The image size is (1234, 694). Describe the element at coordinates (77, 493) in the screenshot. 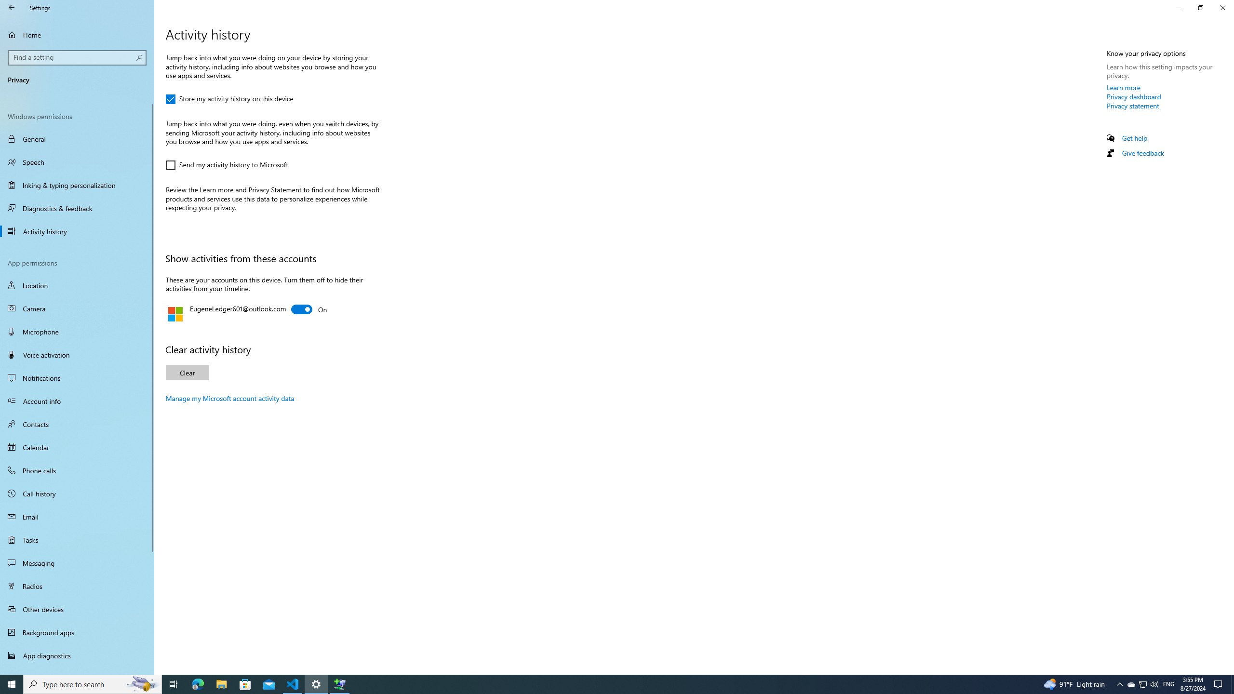

I see `'Call history'` at that location.